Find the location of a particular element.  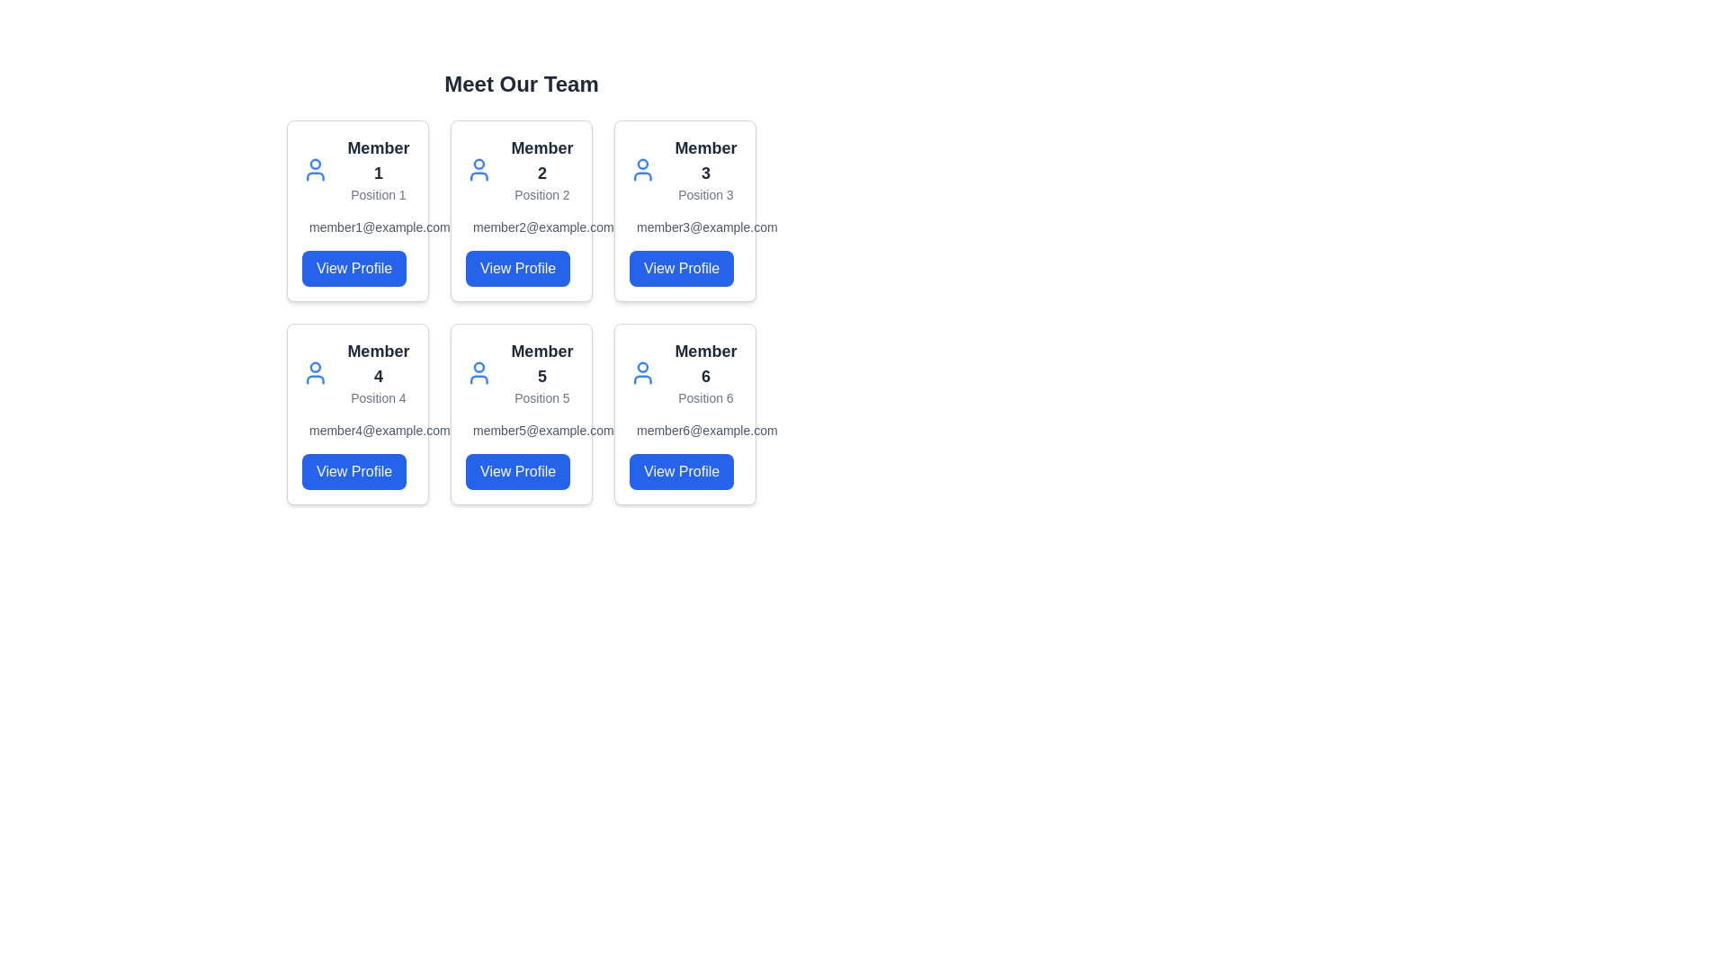

descriptive text label located in the second row under the card titled 'Member 4' is located at coordinates (377, 397).